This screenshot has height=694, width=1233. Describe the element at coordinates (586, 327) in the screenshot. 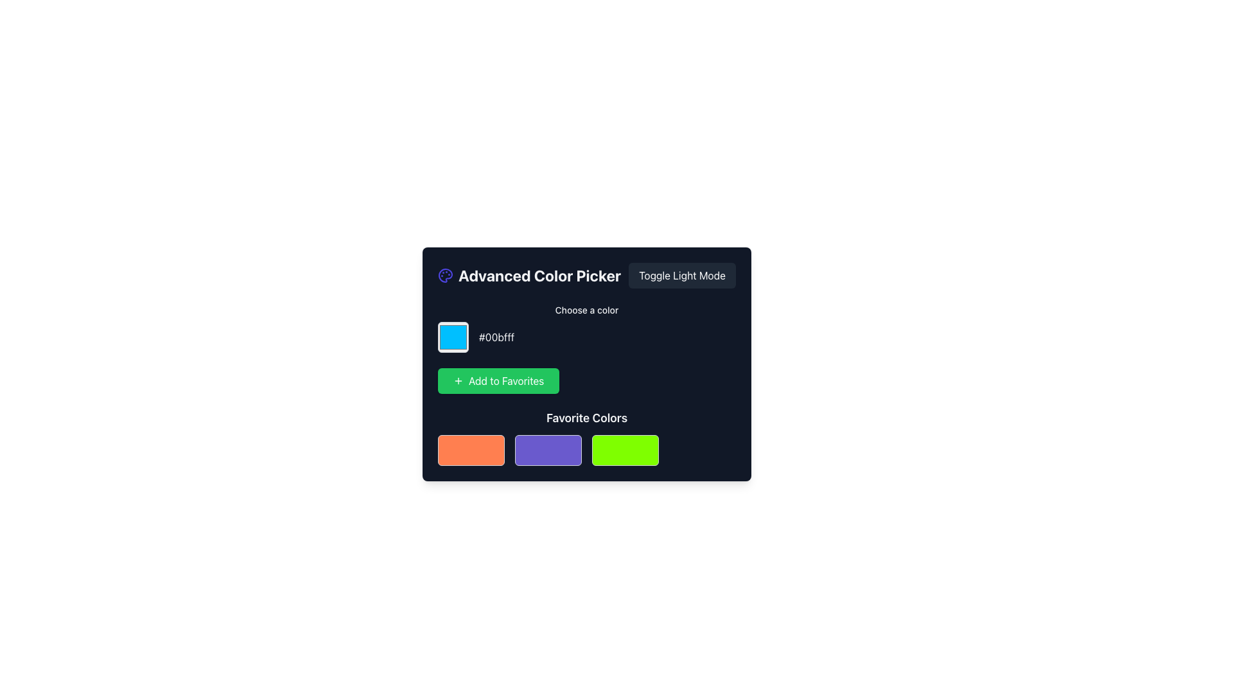

I see `a color using the Color Picker labeled 'Choose a color' located in the 'Advanced Color Picker' section` at that location.